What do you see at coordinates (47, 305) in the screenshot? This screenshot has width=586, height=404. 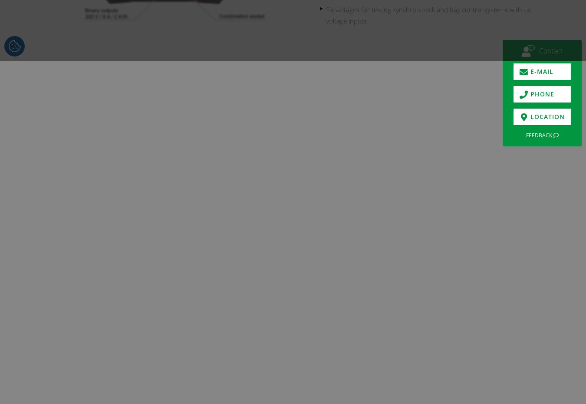 I see `'Use CMControl P App for quick and easy manual testing.'` at bounding box center [47, 305].